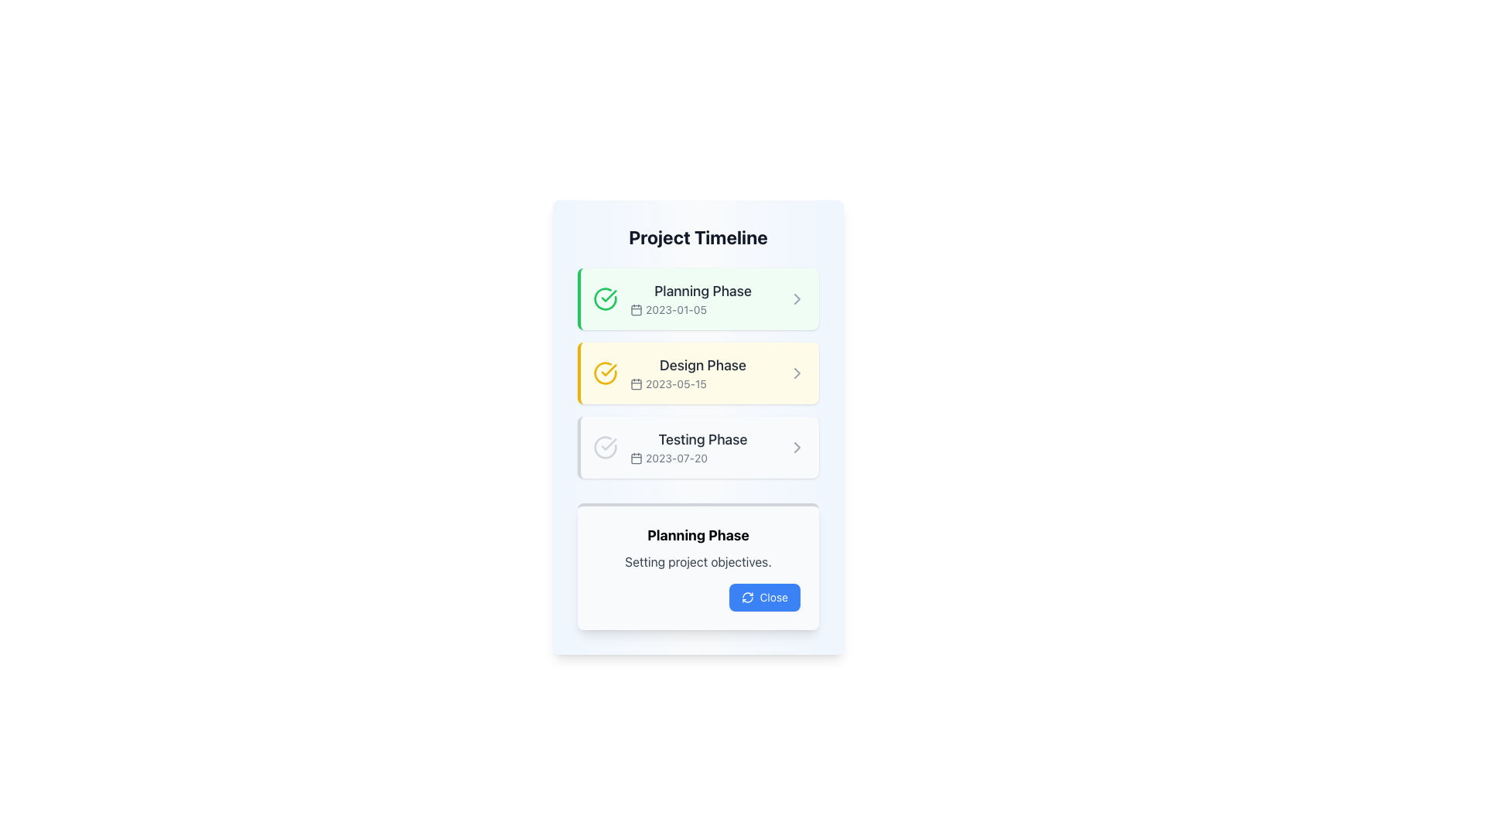 The width and height of the screenshot is (1485, 835). I want to click on the right-facing chevron icon at the rightmost end of the 'Design Phase' card to possibly display a tooltip, so click(797, 373).